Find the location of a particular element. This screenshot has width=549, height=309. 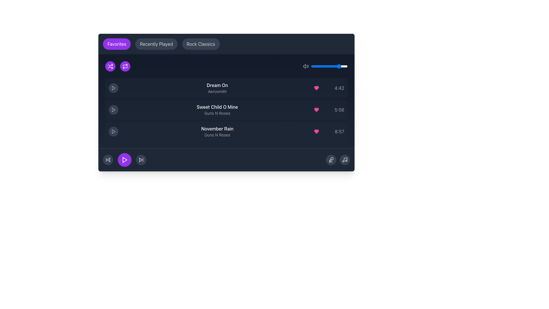

the text label displaying 'Aerosmith', which is in a small gray font and positioned below the larger white text 'Dream On' in the music playlist interface is located at coordinates (217, 91).